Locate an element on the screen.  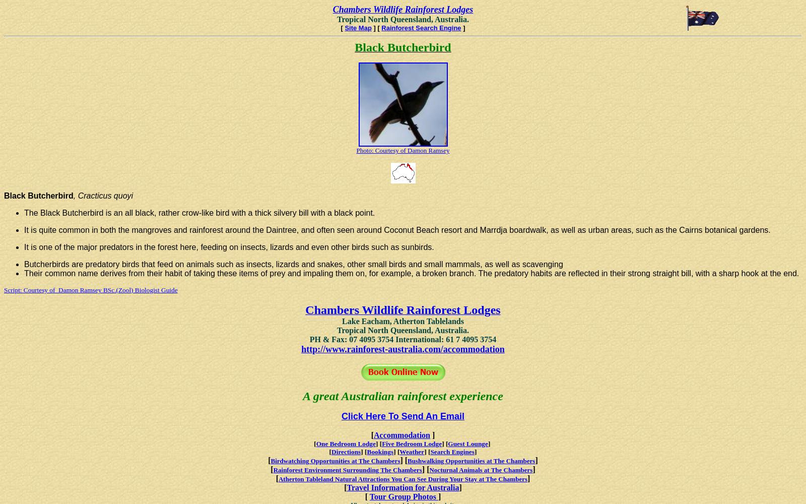
'One Bedroom Lodge' is located at coordinates (316, 444).